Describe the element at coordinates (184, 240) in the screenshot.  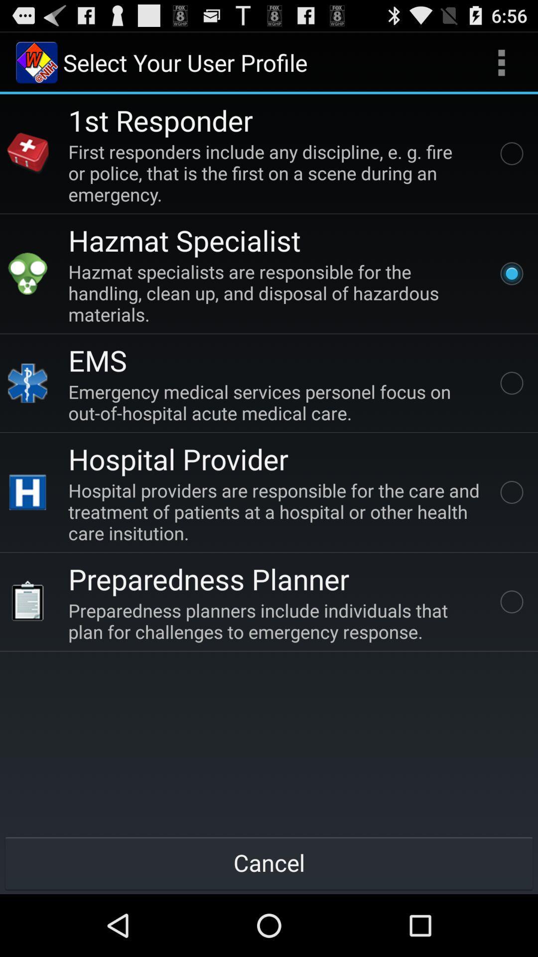
I see `app below the first responders include item` at that location.